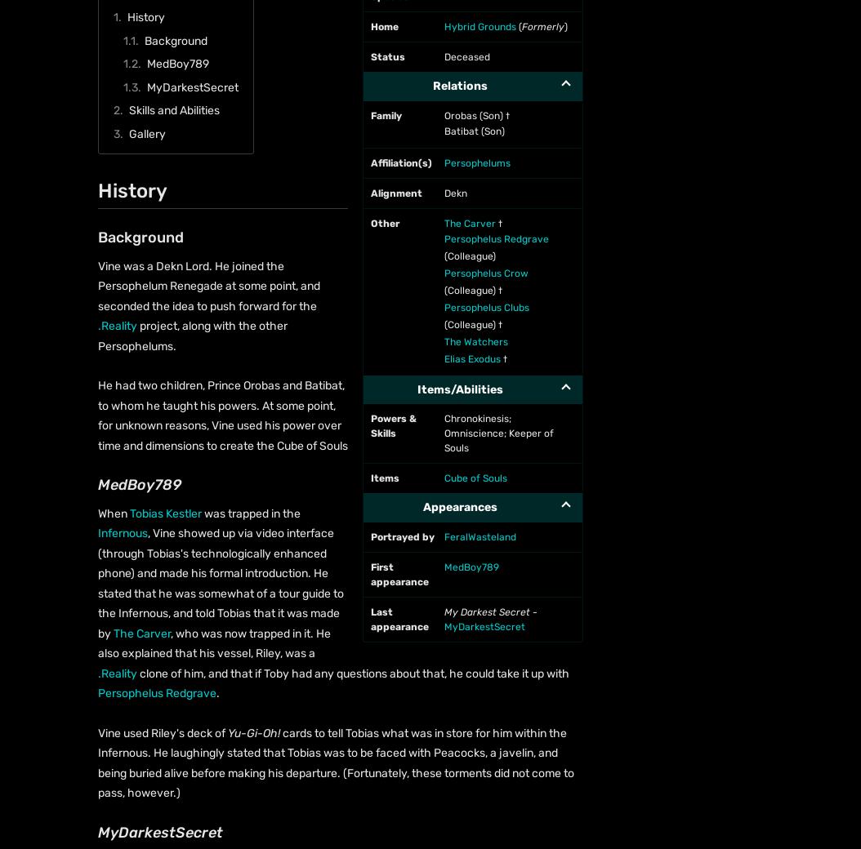 The image size is (861, 849). What do you see at coordinates (386, 207) in the screenshot?
I see `'Terms of Use'` at bounding box center [386, 207].